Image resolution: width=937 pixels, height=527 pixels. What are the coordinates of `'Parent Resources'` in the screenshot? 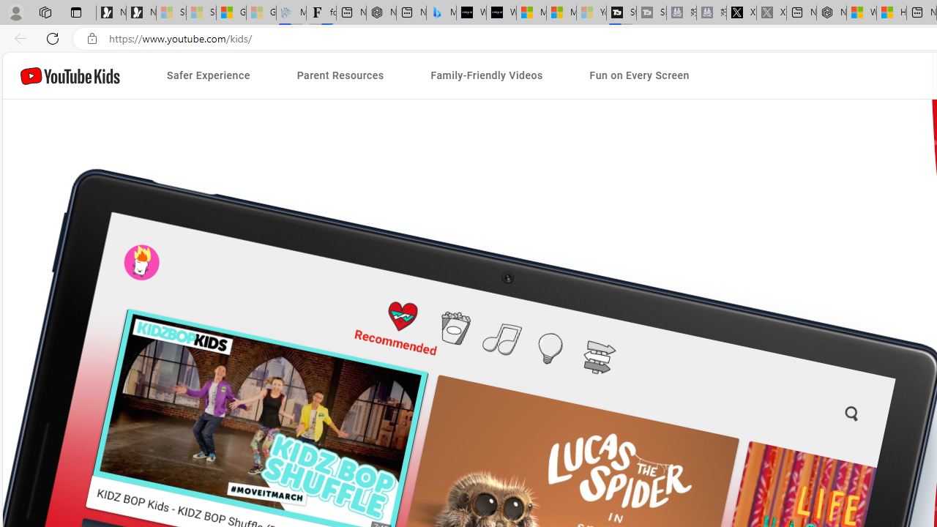 It's located at (339, 75).